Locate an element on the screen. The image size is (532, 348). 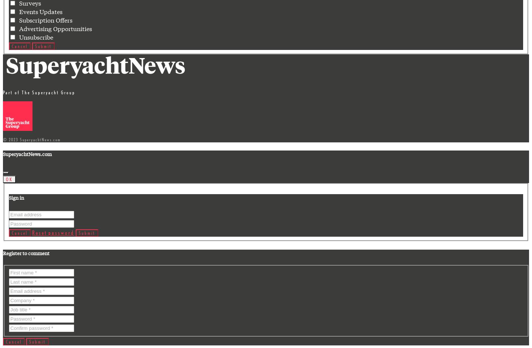
'Subscription Offers' is located at coordinates (44, 19).